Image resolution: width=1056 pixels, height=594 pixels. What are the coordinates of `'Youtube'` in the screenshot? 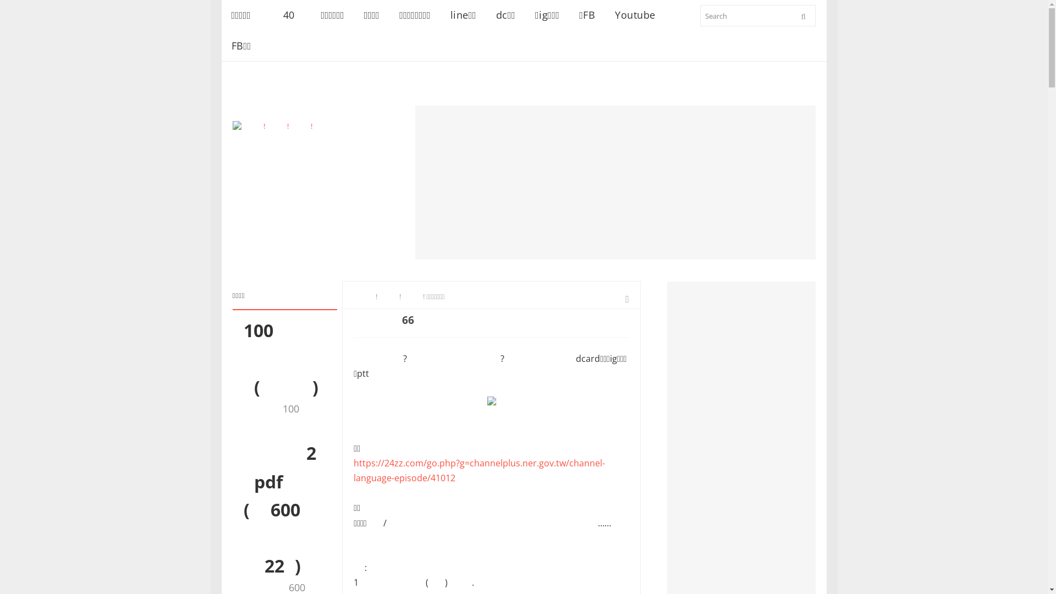 It's located at (635, 15).